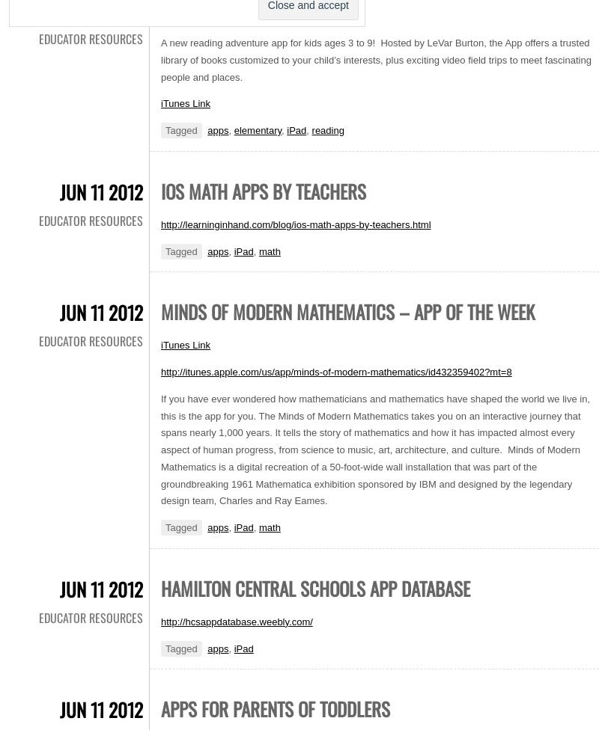 The height and width of the screenshot is (730, 614). Describe the element at coordinates (160, 310) in the screenshot. I see `'Minds of Modern Mathematics – App of the Week'` at that location.